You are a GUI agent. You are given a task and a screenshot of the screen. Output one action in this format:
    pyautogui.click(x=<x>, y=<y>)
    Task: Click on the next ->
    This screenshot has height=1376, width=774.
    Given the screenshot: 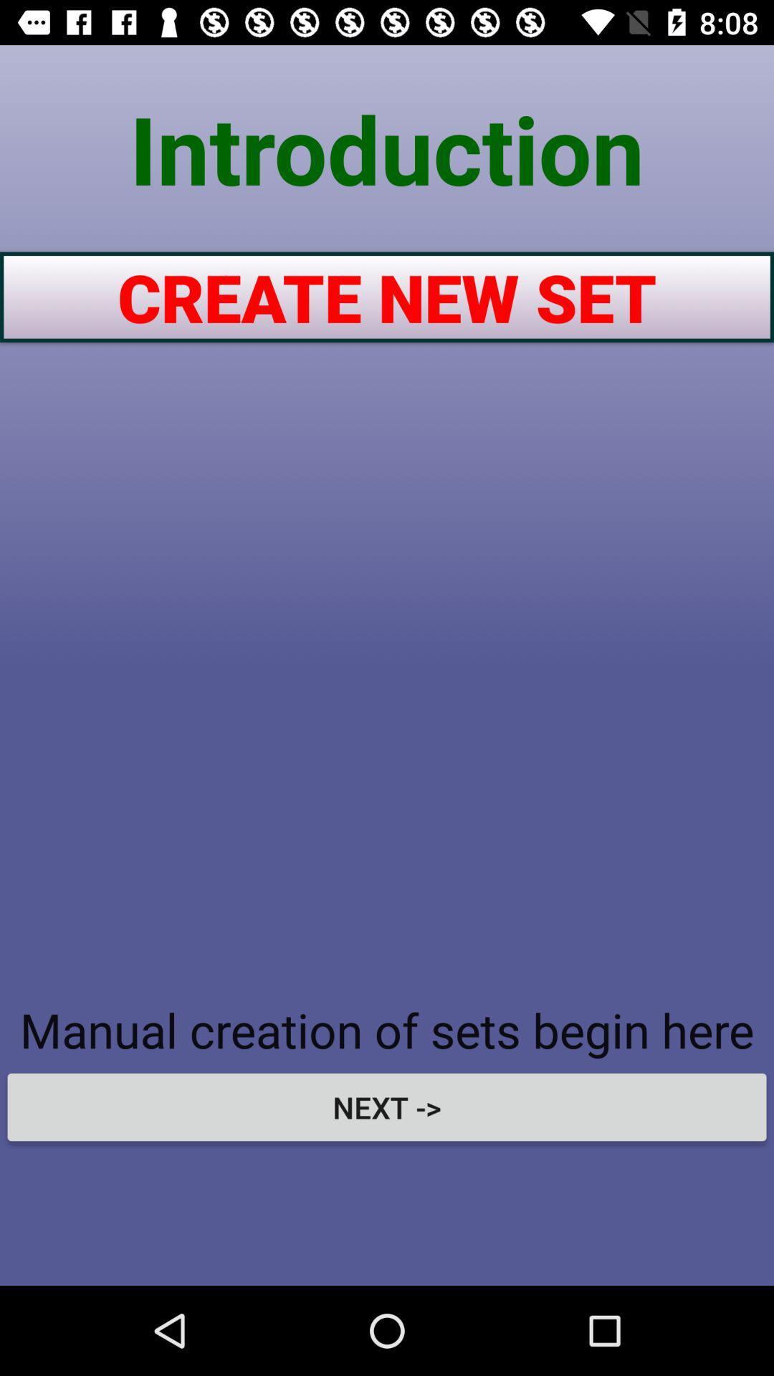 What is the action you would take?
    pyautogui.click(x=387, y=1107)
    